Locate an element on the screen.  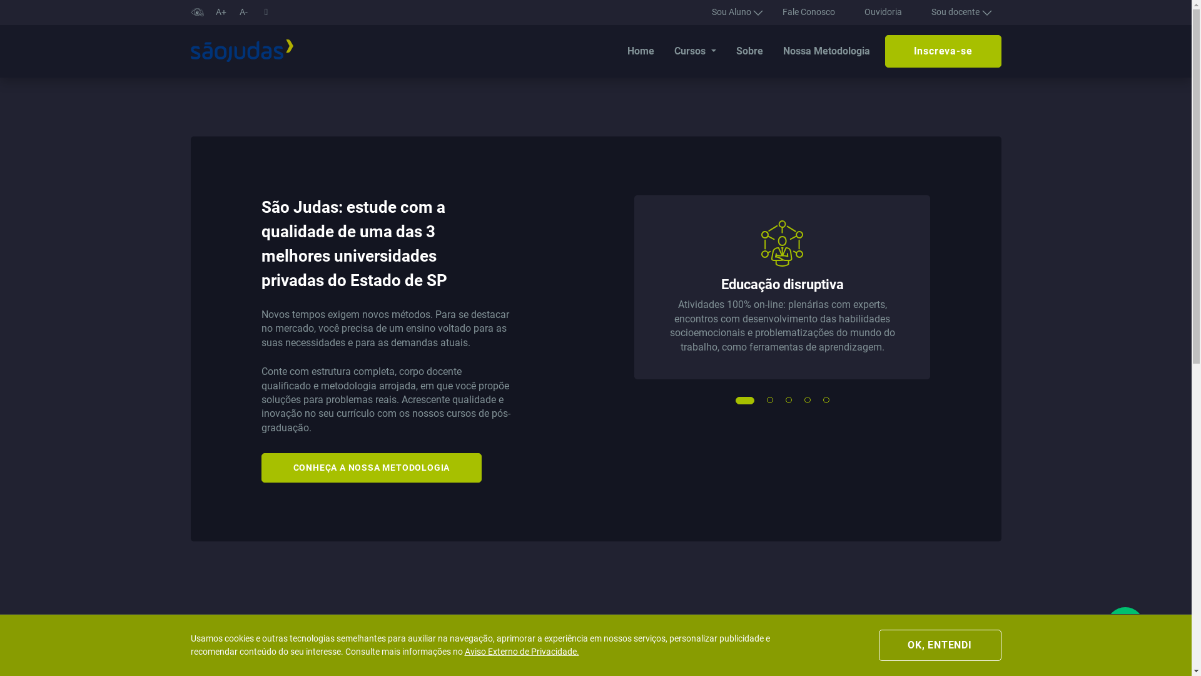
'OK, ENTENDI' is located at coordinates (940, 645).